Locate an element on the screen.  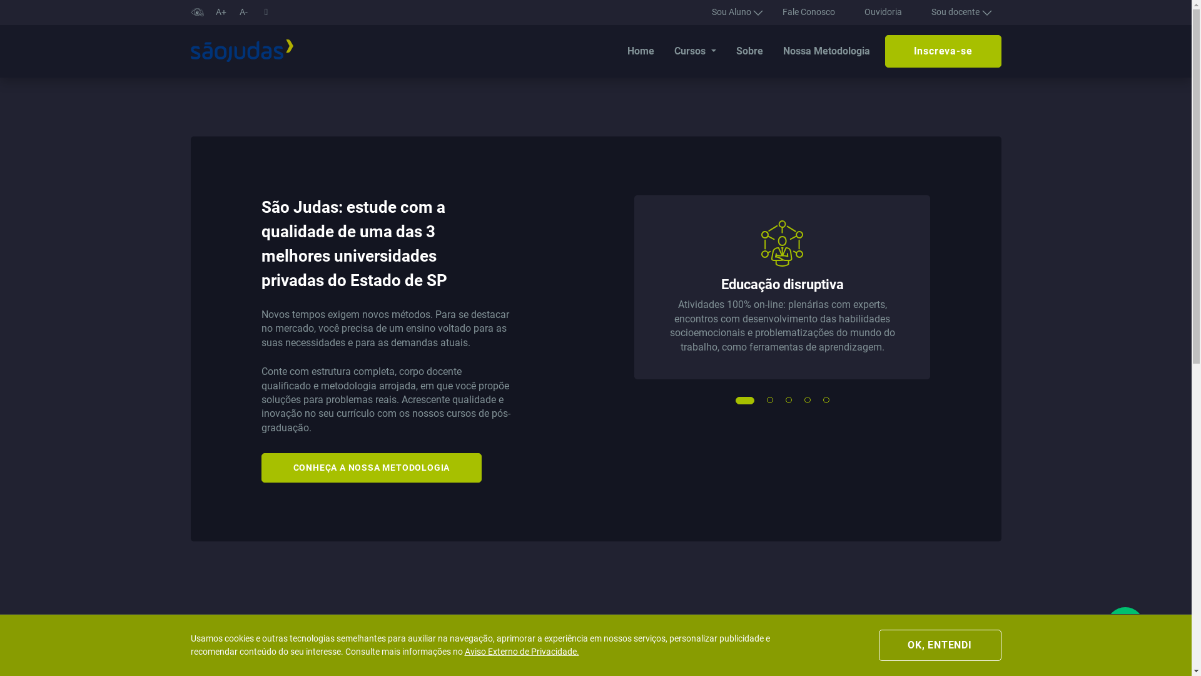
'OK, ENTENDI' is located at coordinates (940, 645).